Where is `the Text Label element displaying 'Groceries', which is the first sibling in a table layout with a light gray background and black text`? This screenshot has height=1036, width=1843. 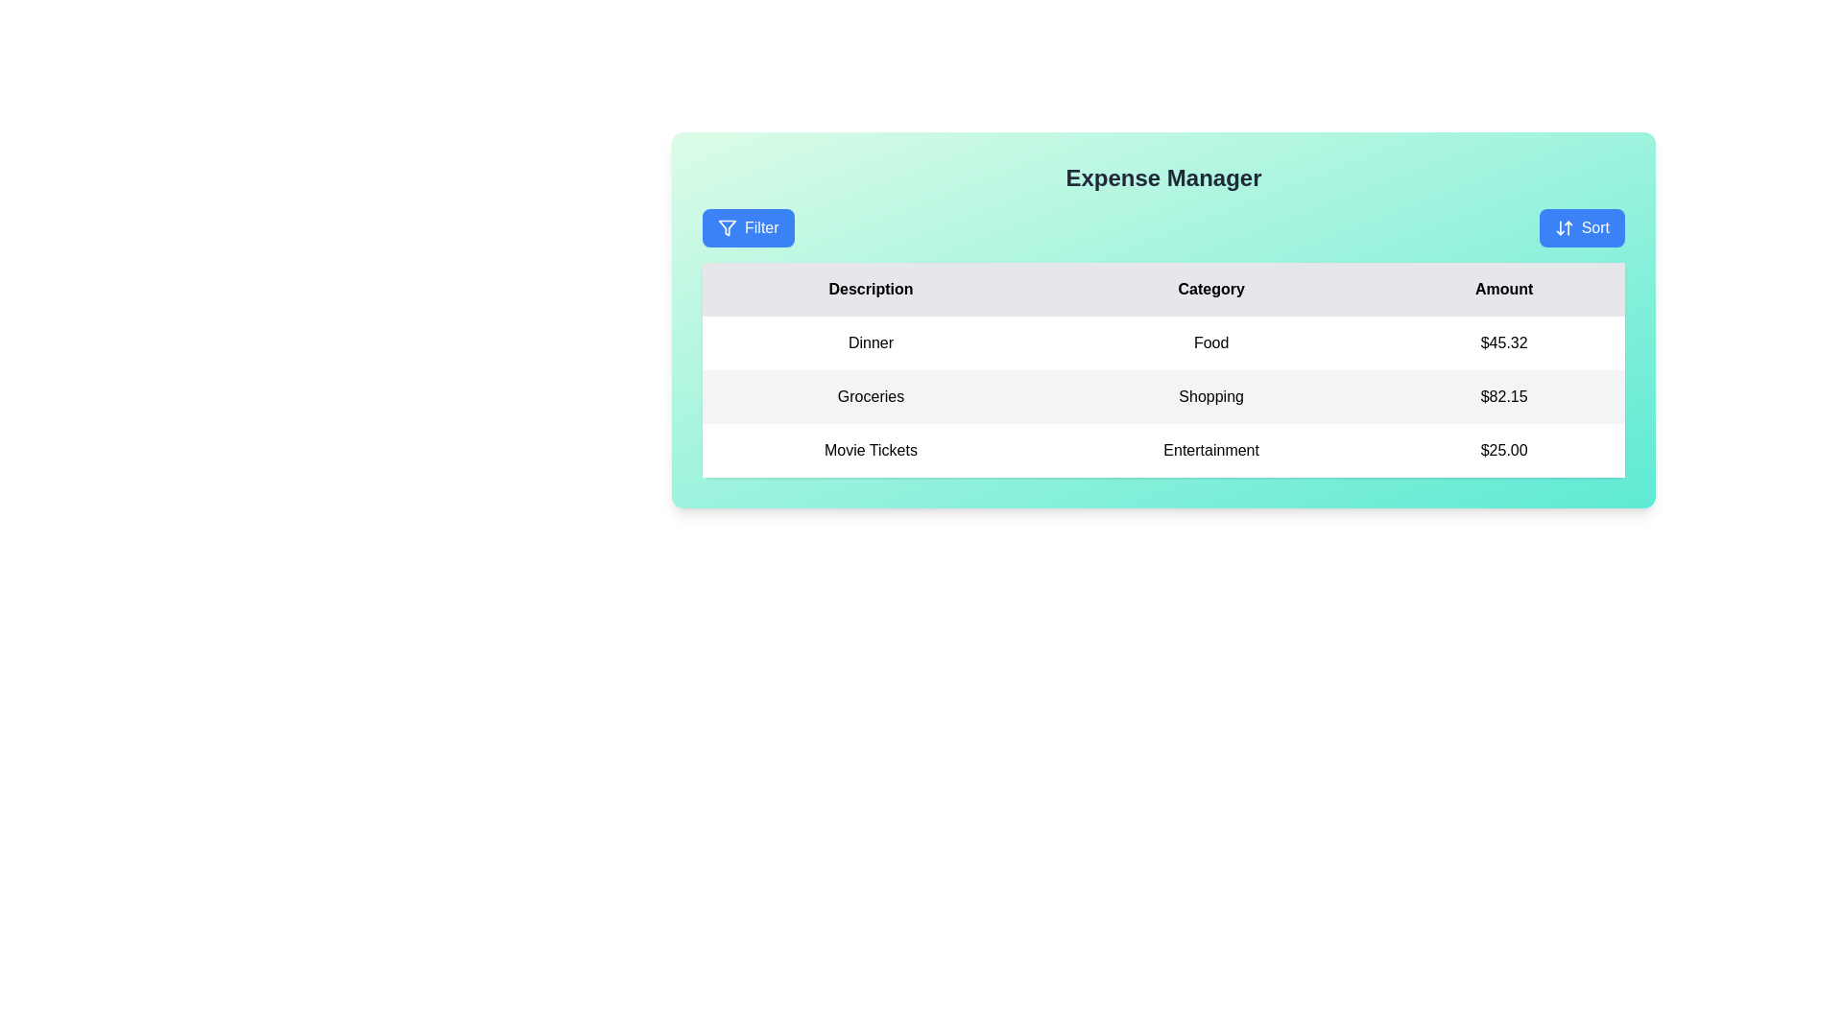
the Text Label element displaying 'Groceries', which is the first sibling in a table layout with a light gray background and black text is located at coordinates (870, 395).